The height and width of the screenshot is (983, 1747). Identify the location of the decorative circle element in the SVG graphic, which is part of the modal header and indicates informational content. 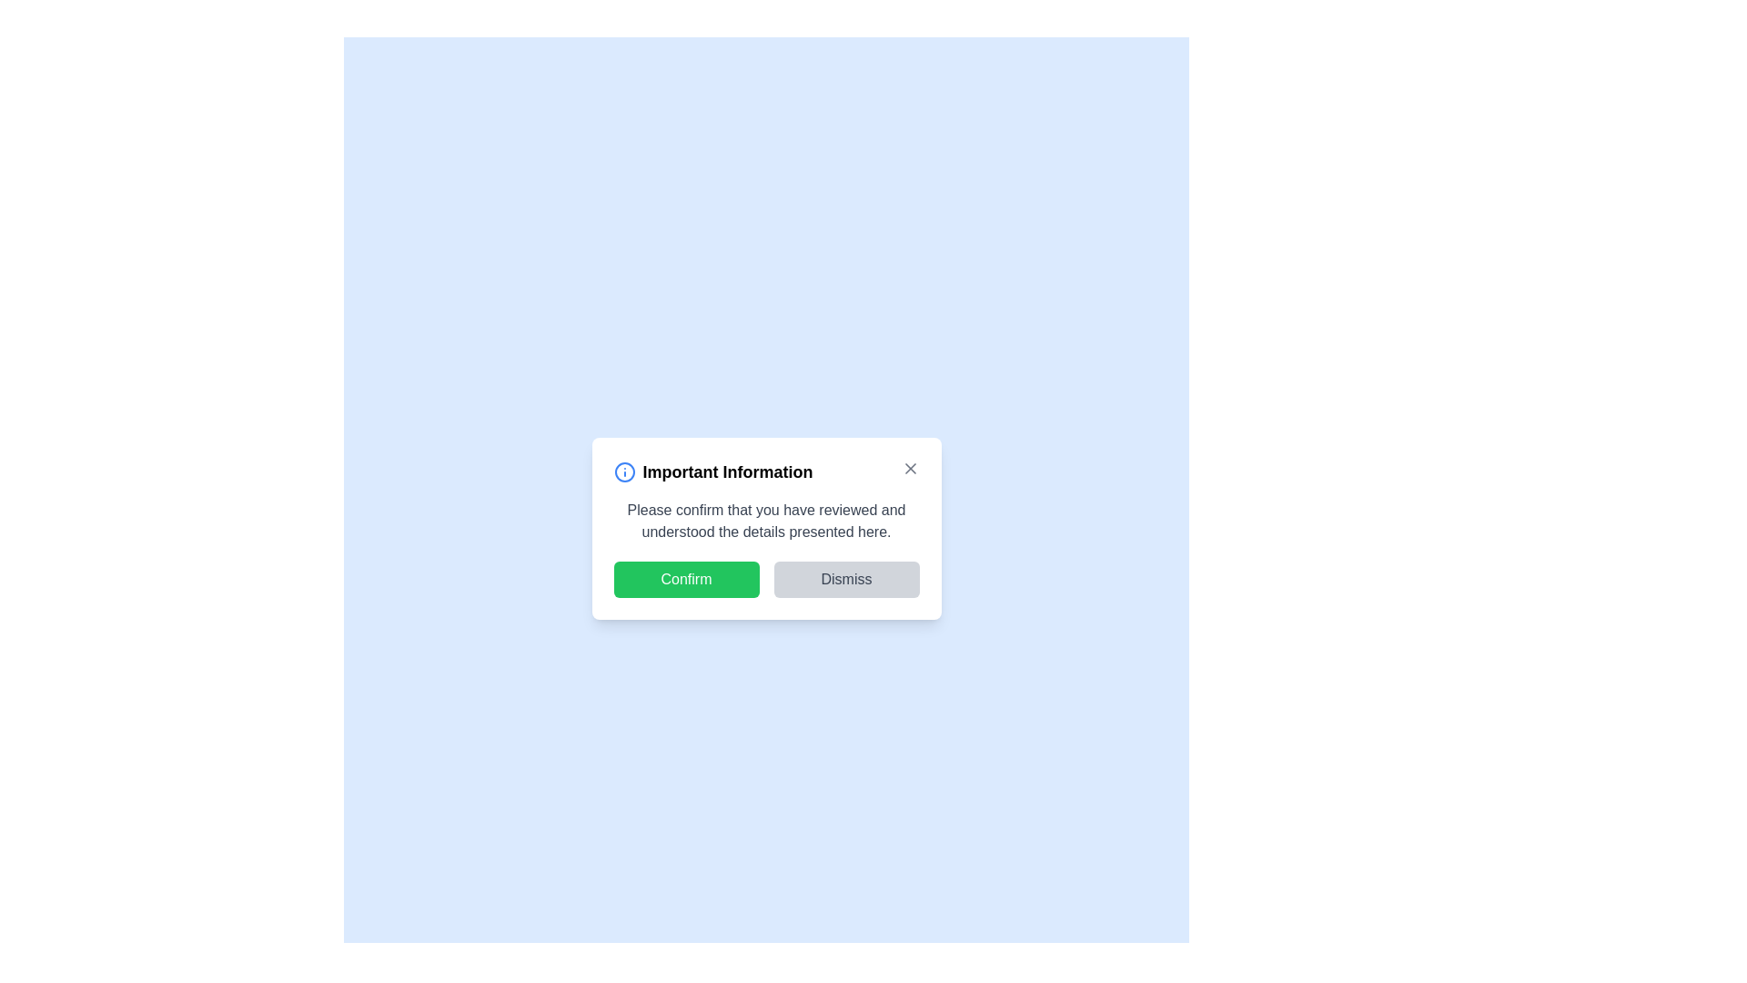
(624, 471).